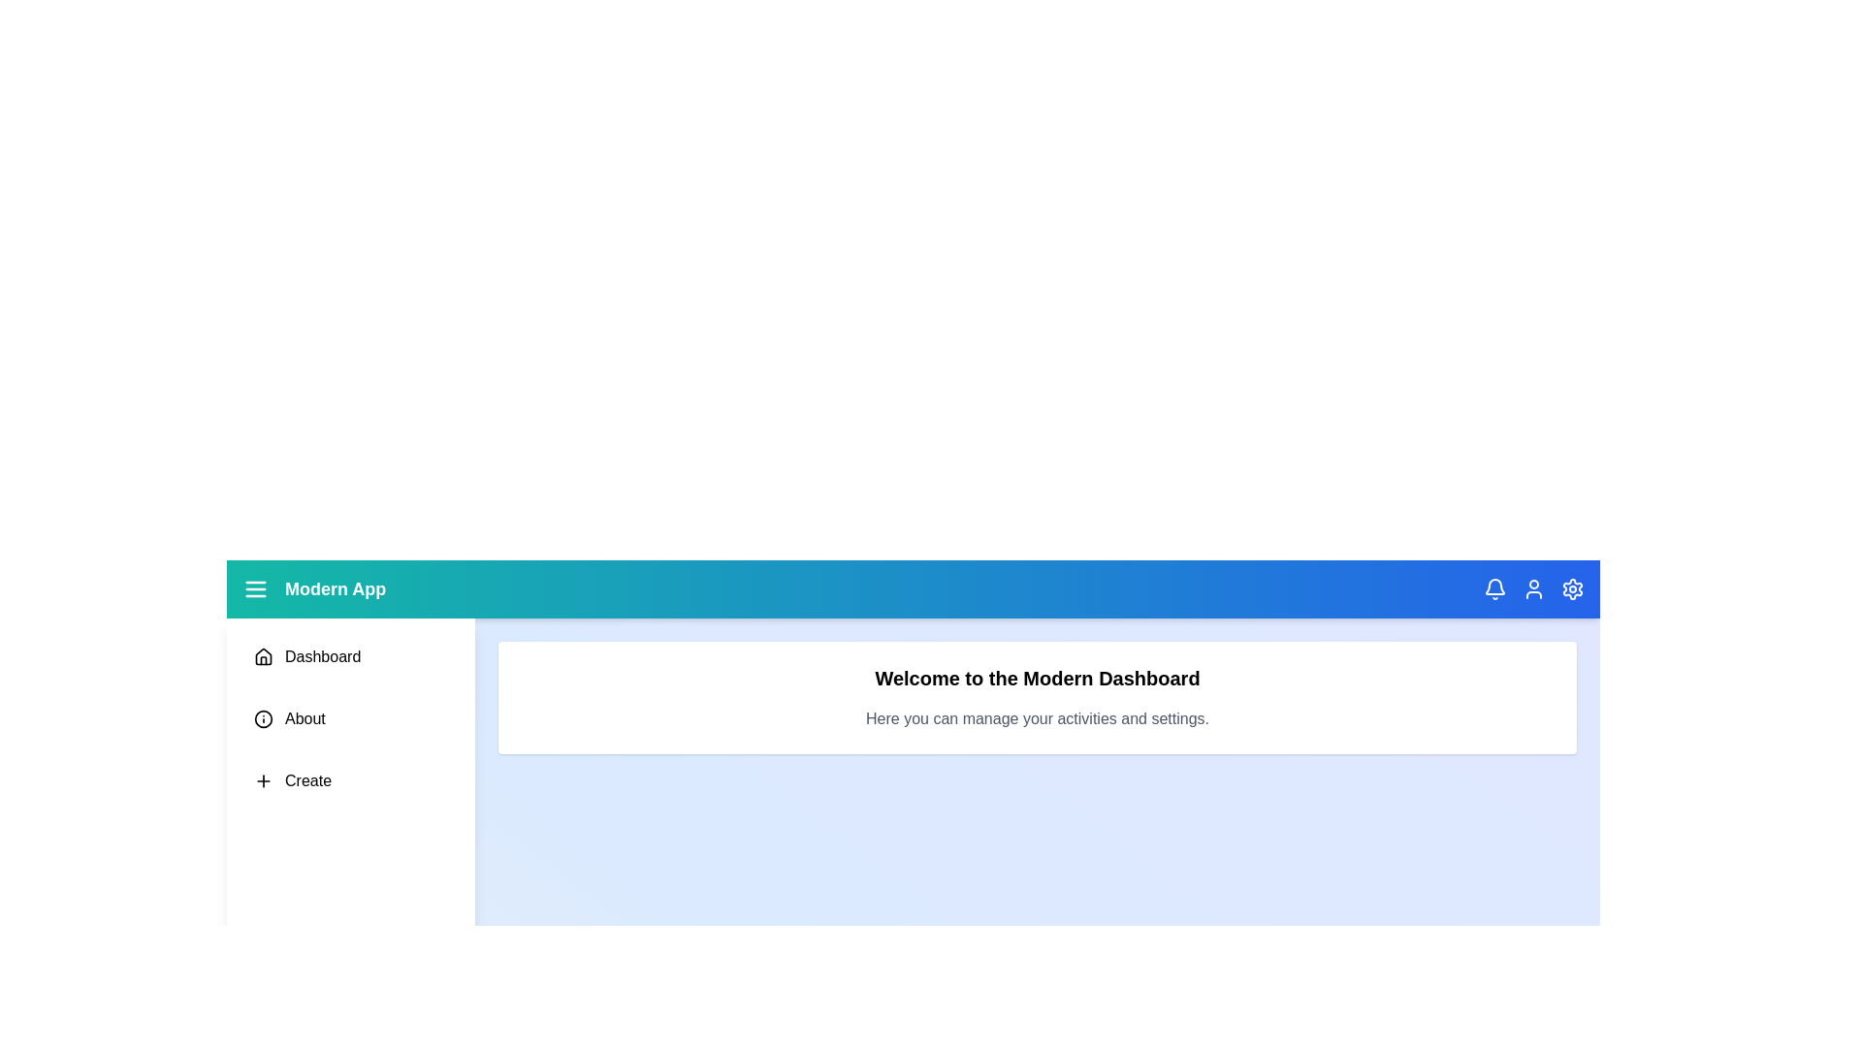  What do you see at coordinates (1533, 588) in the screenshot?
I see `the interactive element user_icon to observe visual feedback` at bounding box center [1533, 588].